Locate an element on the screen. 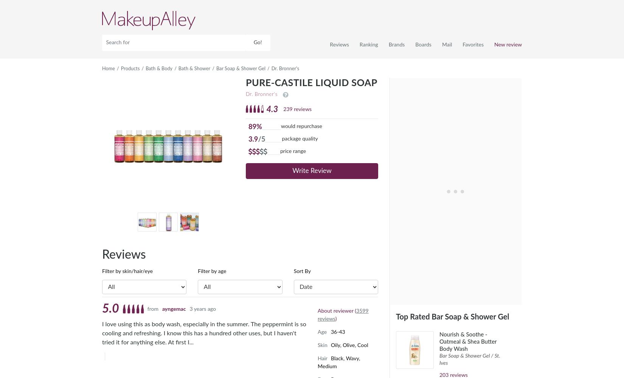 Image resolution: width=624 pixels, height=378 pixels. 'package quality' is located at coordinates (299, 138).